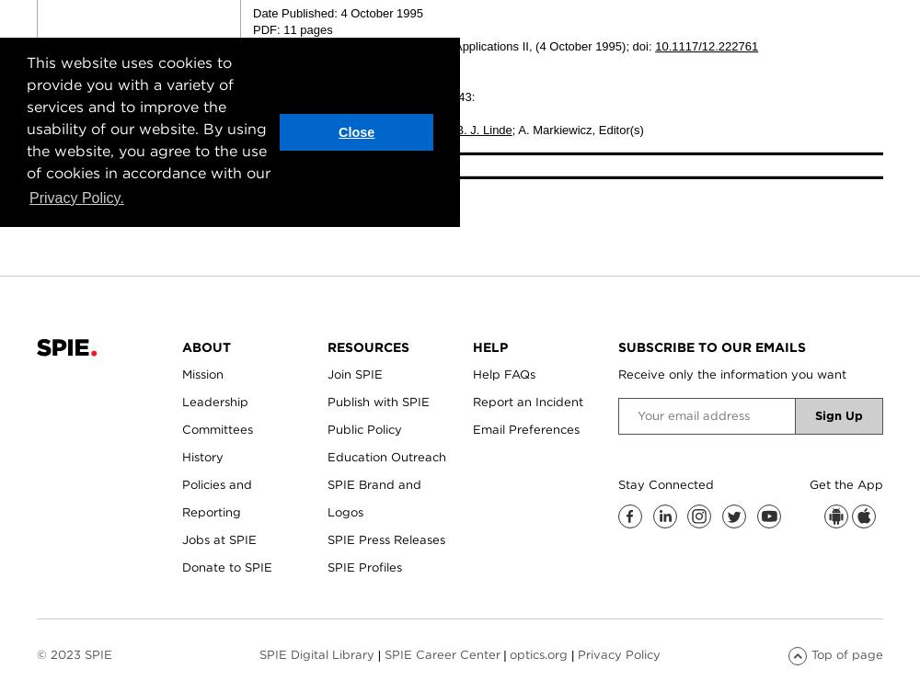 This screenshot has height=692, width=920. What do you see at coordinates (372, 129) in the screenshot?
I see `'Piotr Kwiek'` at bounding box center [372, 129].